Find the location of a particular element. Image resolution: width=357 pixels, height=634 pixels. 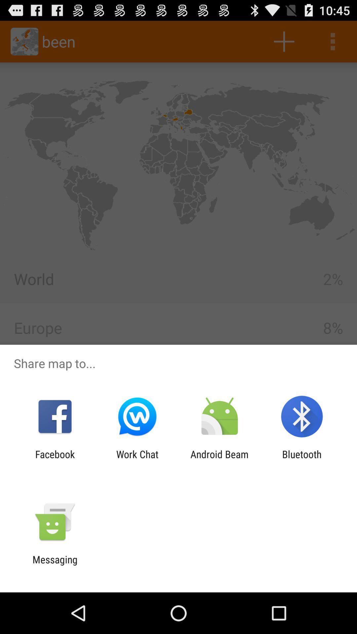

the item next to the facebook item is located at coordinates (137, 460).